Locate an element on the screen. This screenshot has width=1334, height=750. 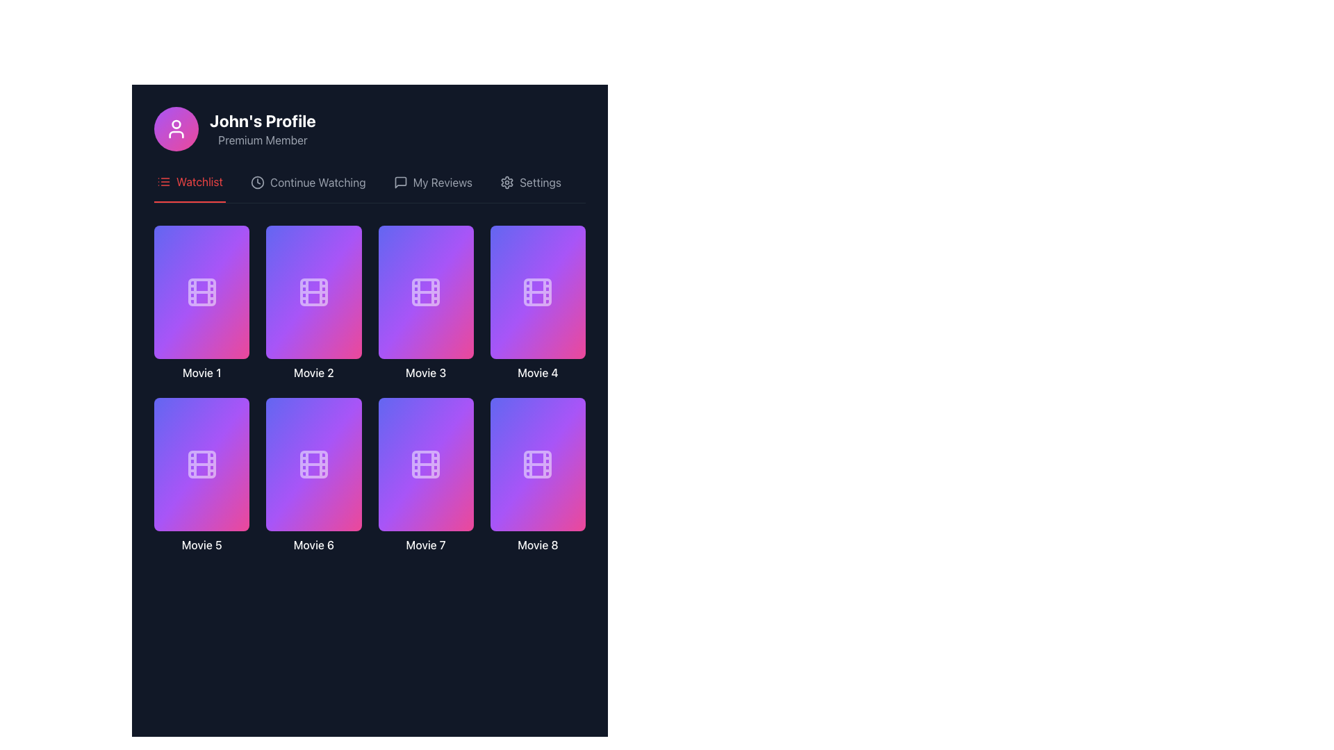
the Clickable Card representing a movie entry, positioned in the second column and first row of the grid is located at coordinates (313, 302).